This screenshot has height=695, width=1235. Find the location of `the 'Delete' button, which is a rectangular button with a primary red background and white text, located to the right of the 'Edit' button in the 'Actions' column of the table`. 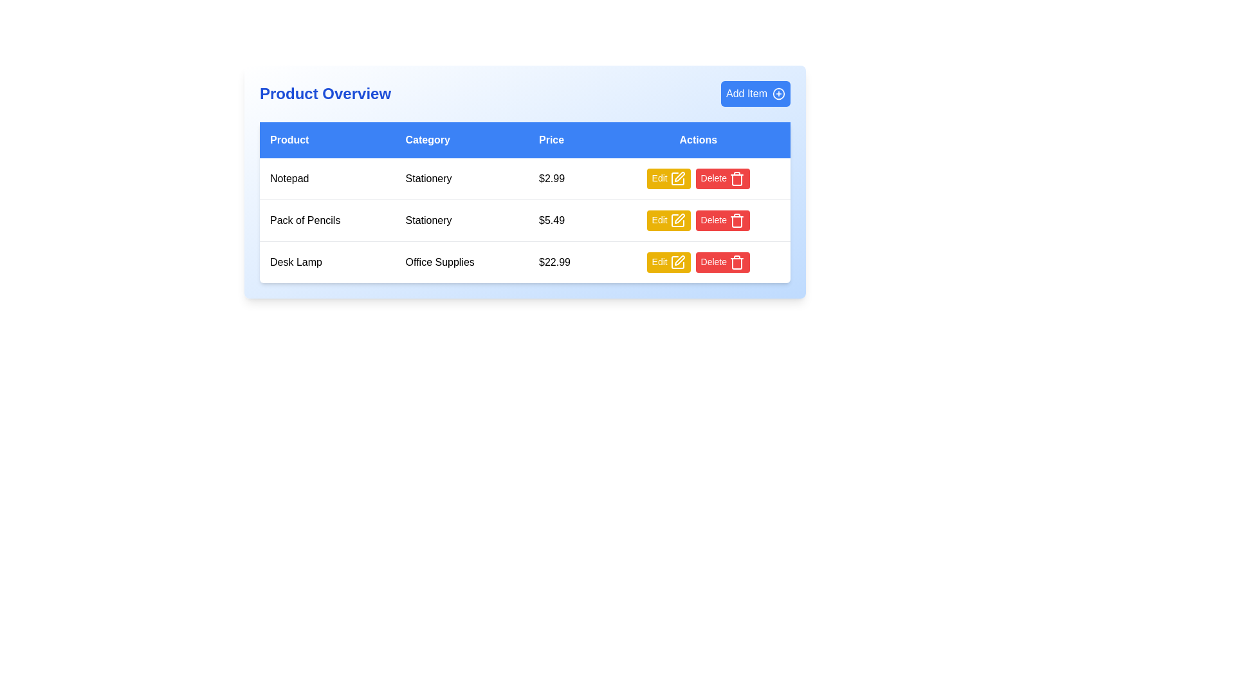

the 'Delete' button, which is a rectangular button with a primary red background and white text, located to the right of the 'Edit' button in the 'Actions' column of the table is located at coordinates (722, 178).